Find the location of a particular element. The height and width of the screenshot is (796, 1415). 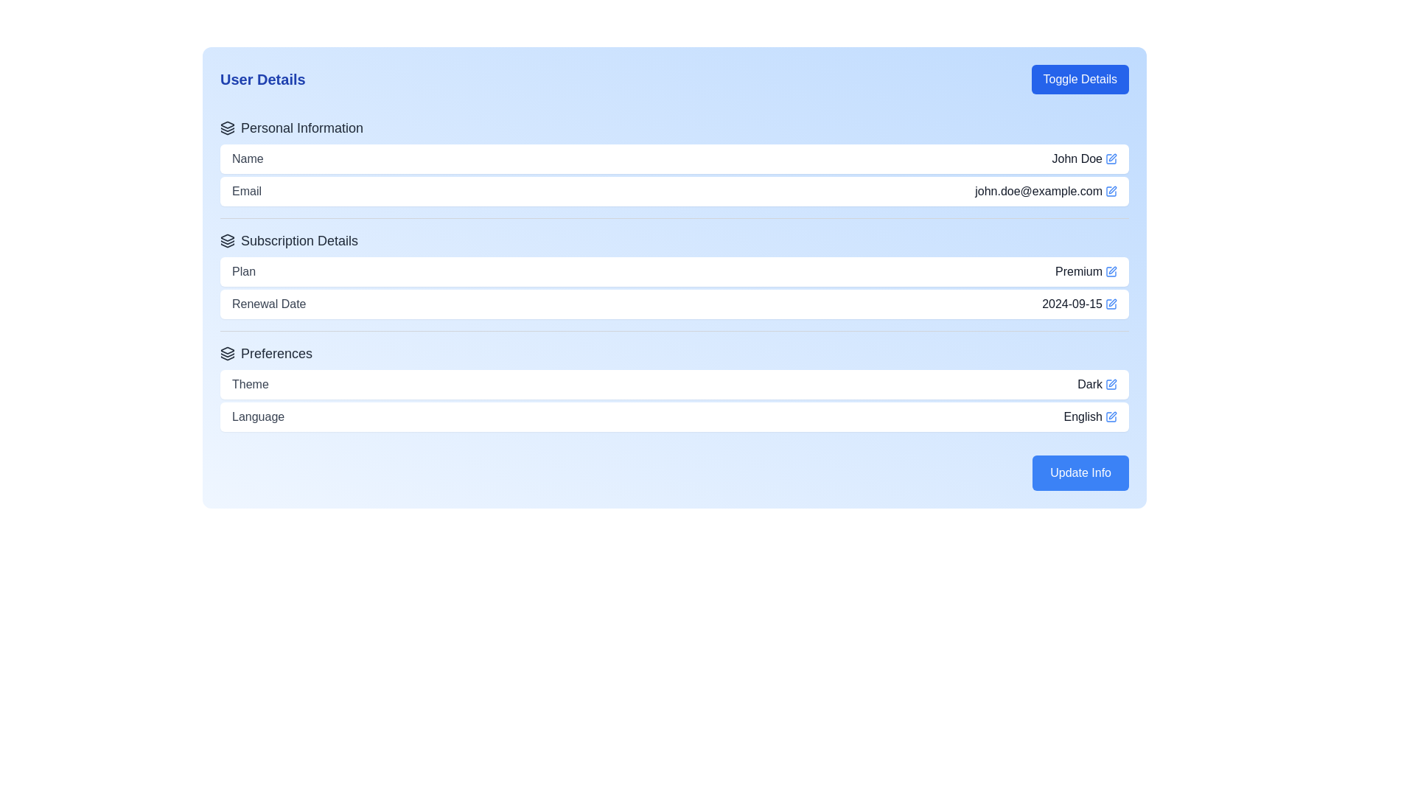

the decorative icon representing the 'Personal Information' section, located to the left of the 'Personal Information' text label in the User Details interface is located at coordinates (226, 127).